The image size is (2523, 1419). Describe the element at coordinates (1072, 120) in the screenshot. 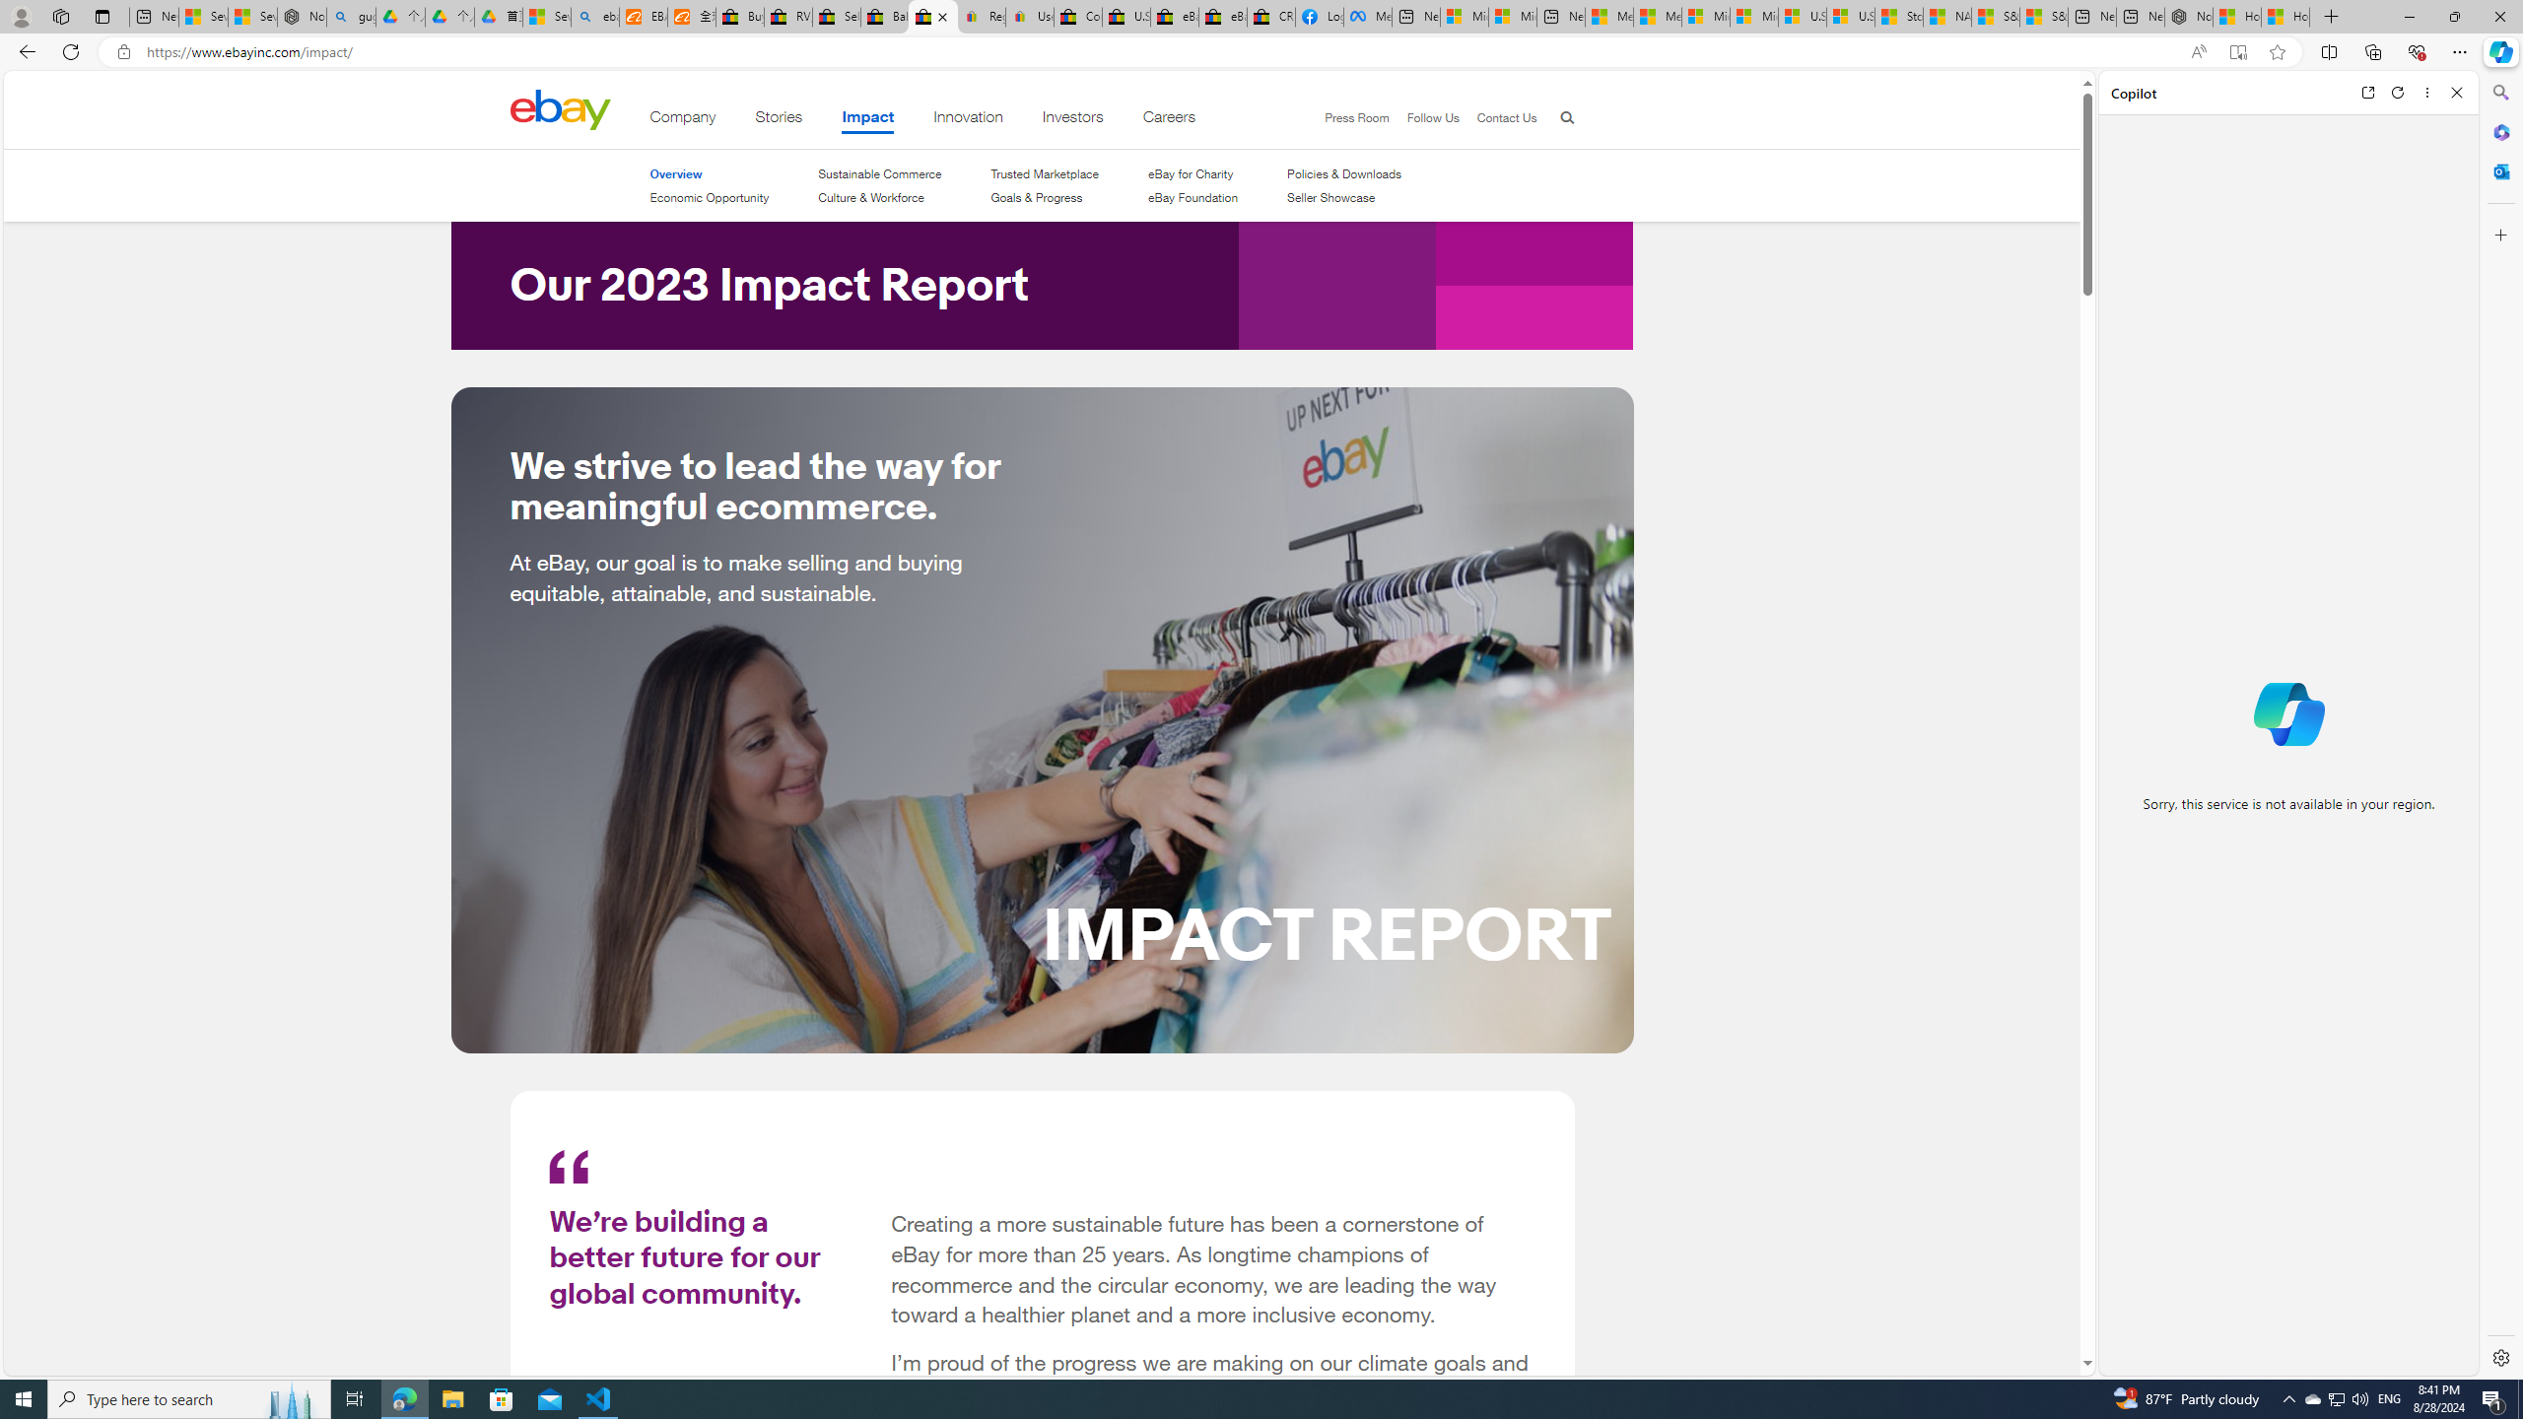

I see `'Investors'` at that location.